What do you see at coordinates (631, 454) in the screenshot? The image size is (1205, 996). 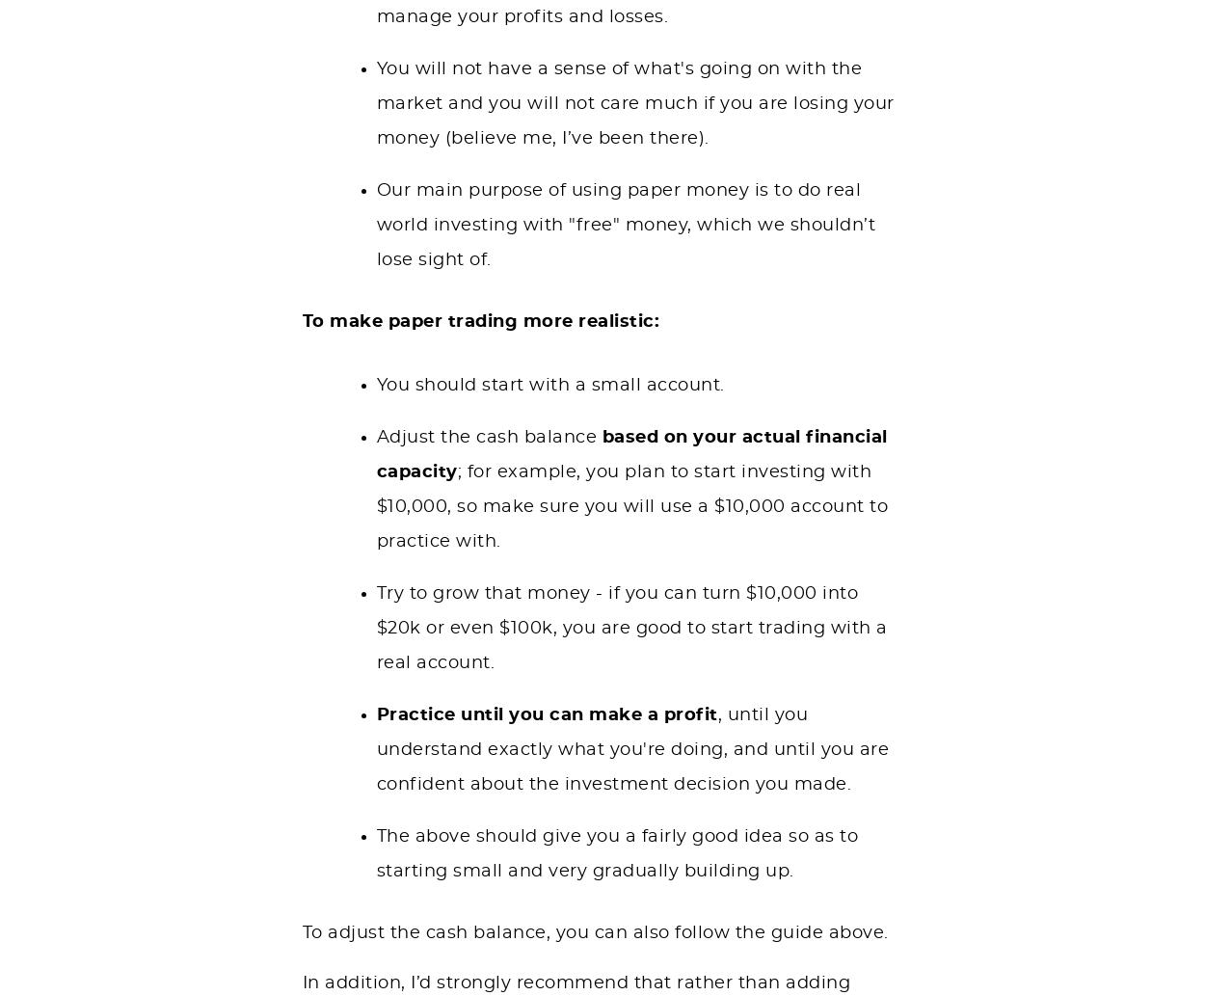 I see `'based on your actual financial capacity'` at bounding box center [631, 454].